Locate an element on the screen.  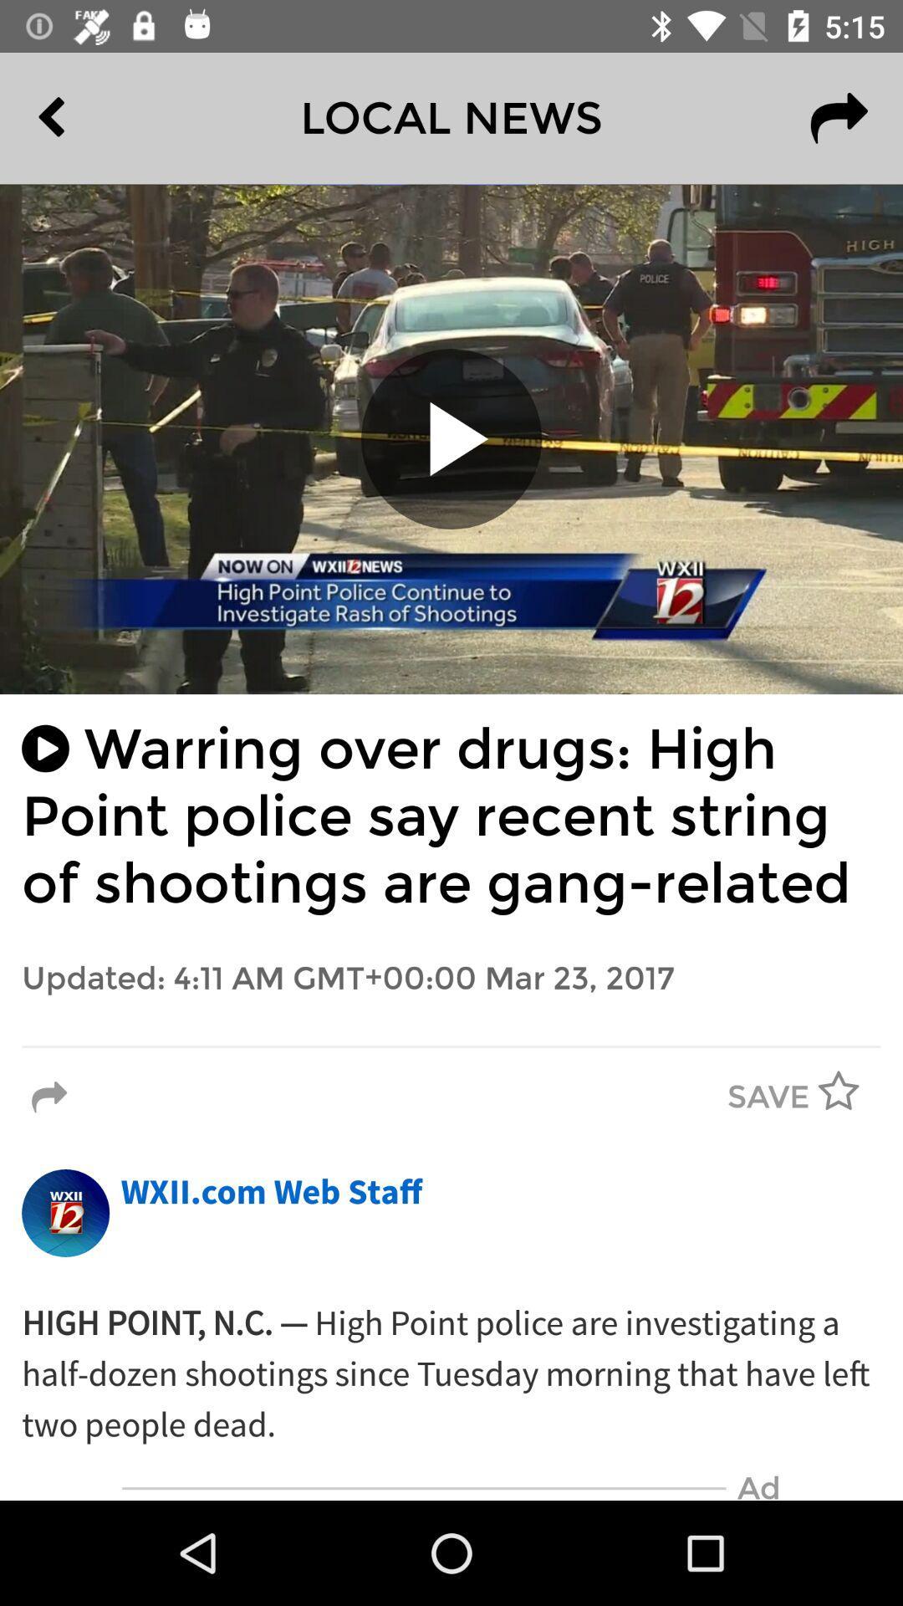
the item to the left of save icon is located at coordinates (48, 1097).